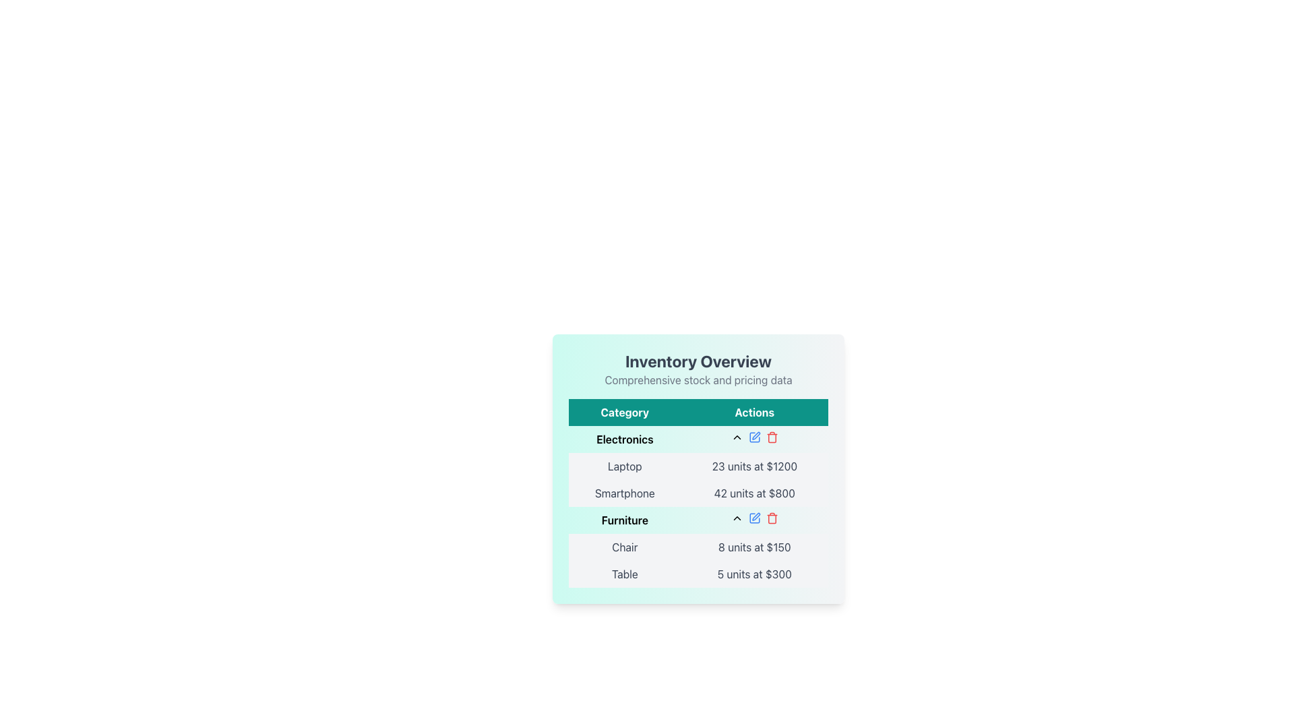 Image resolution: width=1294 pixels, height=728 pixels. I want to click on the static text label 'Smartphone' located in the second row under the 'Category' column of the 'Inventory Overview' table, so click(624, 493).